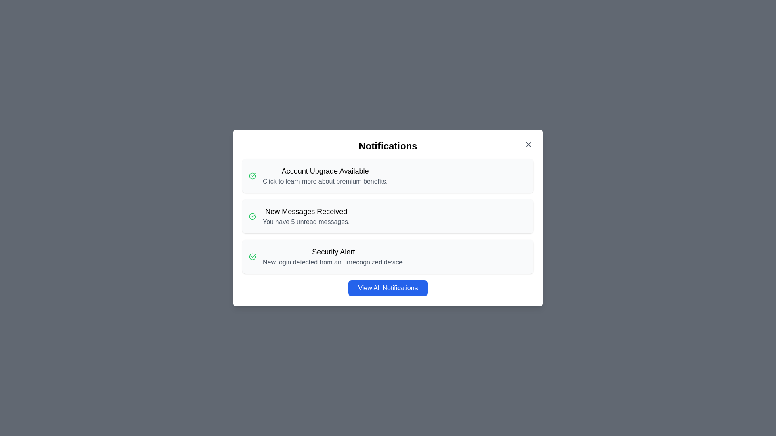 The image size is (776, 436). I want to click on the 'Notifications' text label, which is bold and centrally aligned at the top of the modal, so click(388, 146).